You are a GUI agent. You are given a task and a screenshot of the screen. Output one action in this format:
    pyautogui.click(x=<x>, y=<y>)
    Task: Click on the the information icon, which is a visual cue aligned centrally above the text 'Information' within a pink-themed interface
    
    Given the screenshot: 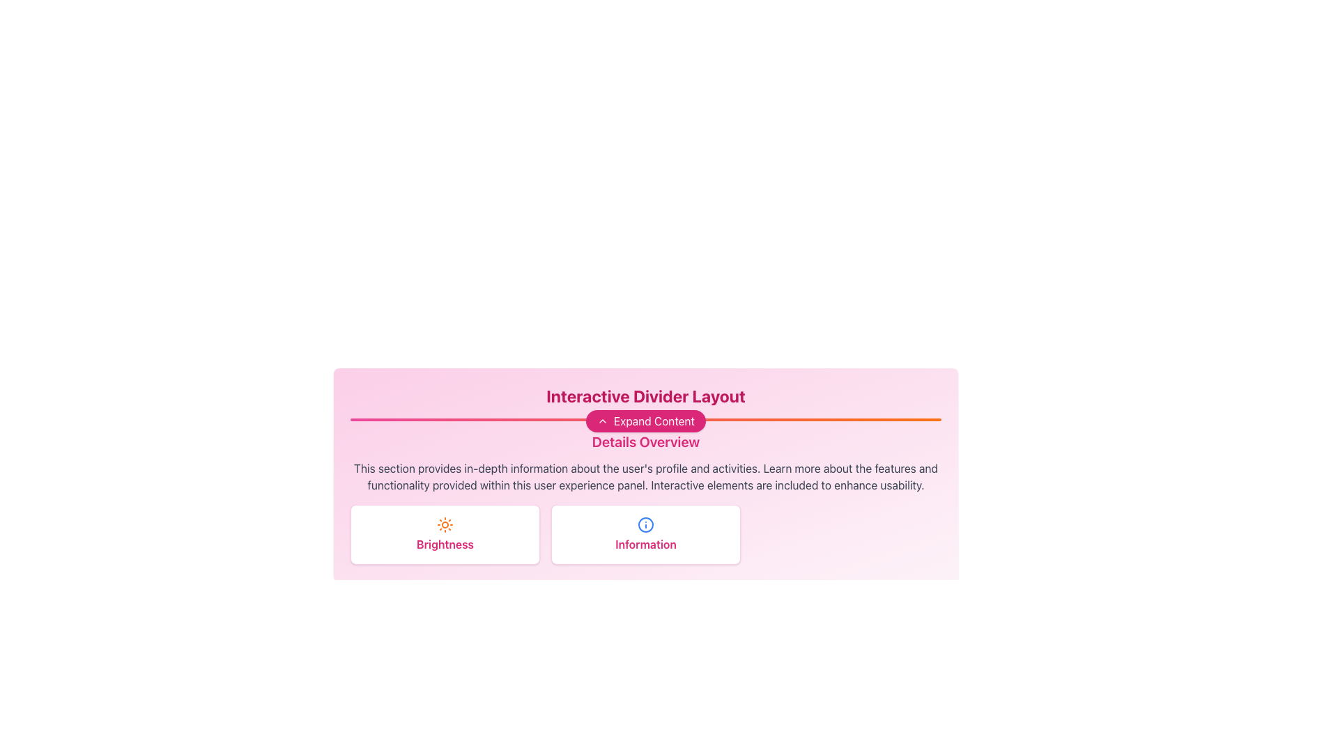 What is the action you would take?
    pyautogui.click(x=645, y=524)
    